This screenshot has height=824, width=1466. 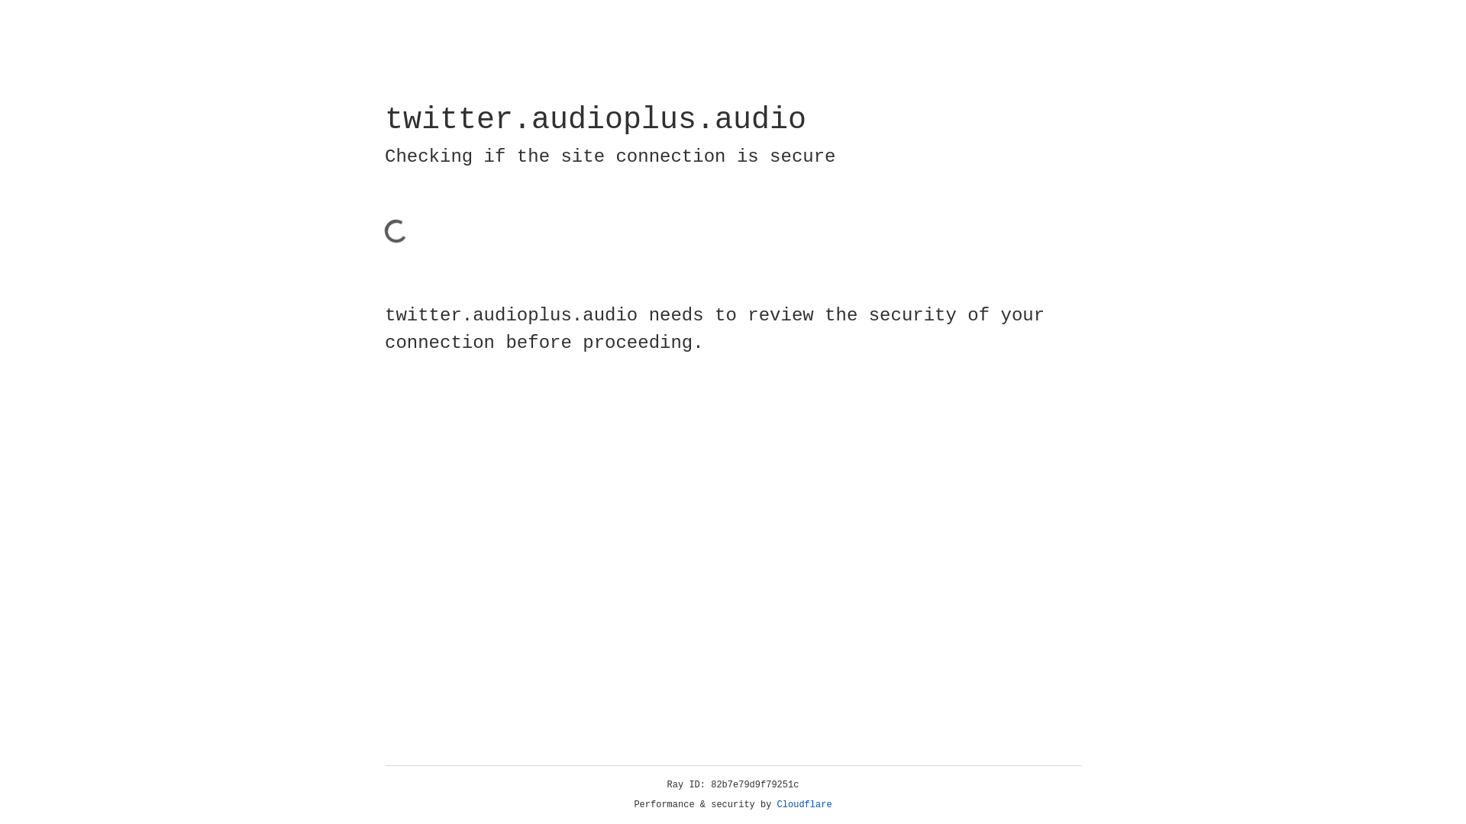 What do you see at coordinates (804, 804) in the screenshot?
I see `'Cloudflare'` at bounding box center [804, 804].